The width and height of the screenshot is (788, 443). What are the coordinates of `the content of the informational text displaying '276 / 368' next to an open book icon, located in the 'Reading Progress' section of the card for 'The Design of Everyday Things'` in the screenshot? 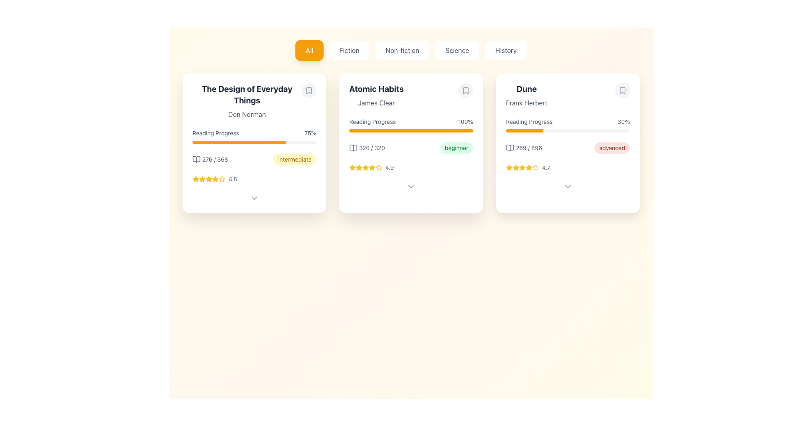 It's located at (210, 160).